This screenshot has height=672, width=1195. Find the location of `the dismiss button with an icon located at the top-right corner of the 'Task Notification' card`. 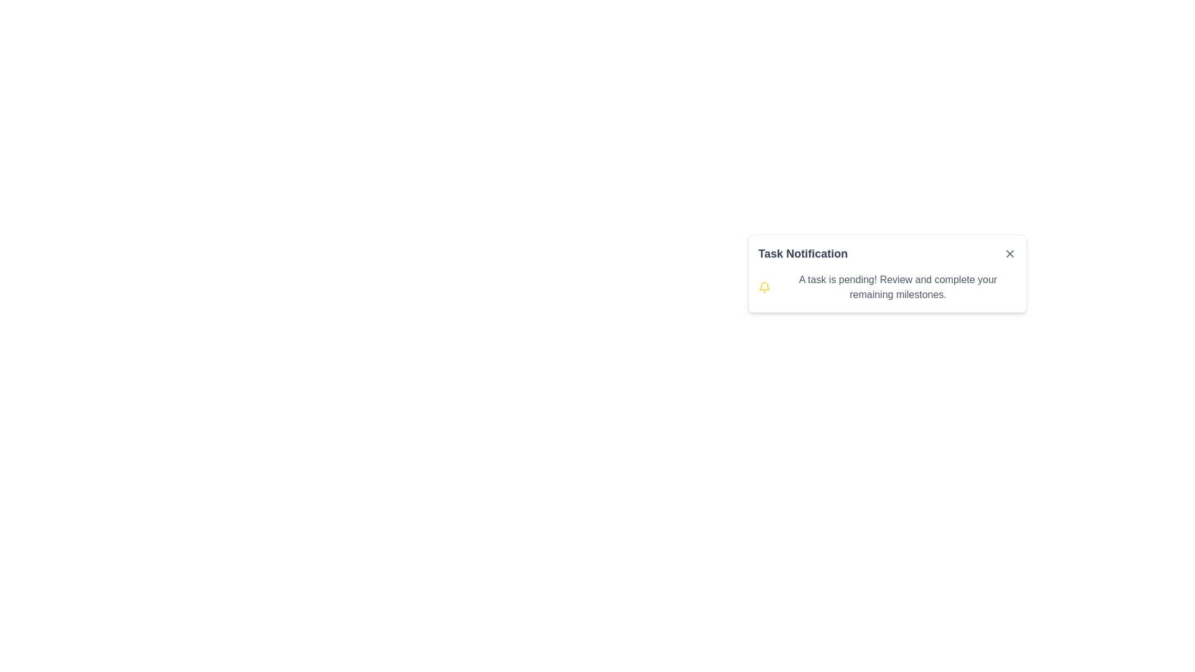

the dismiss button with an icon located at the top-right corner of the 'Task Notification' card is located at coordinates (1010, 253).